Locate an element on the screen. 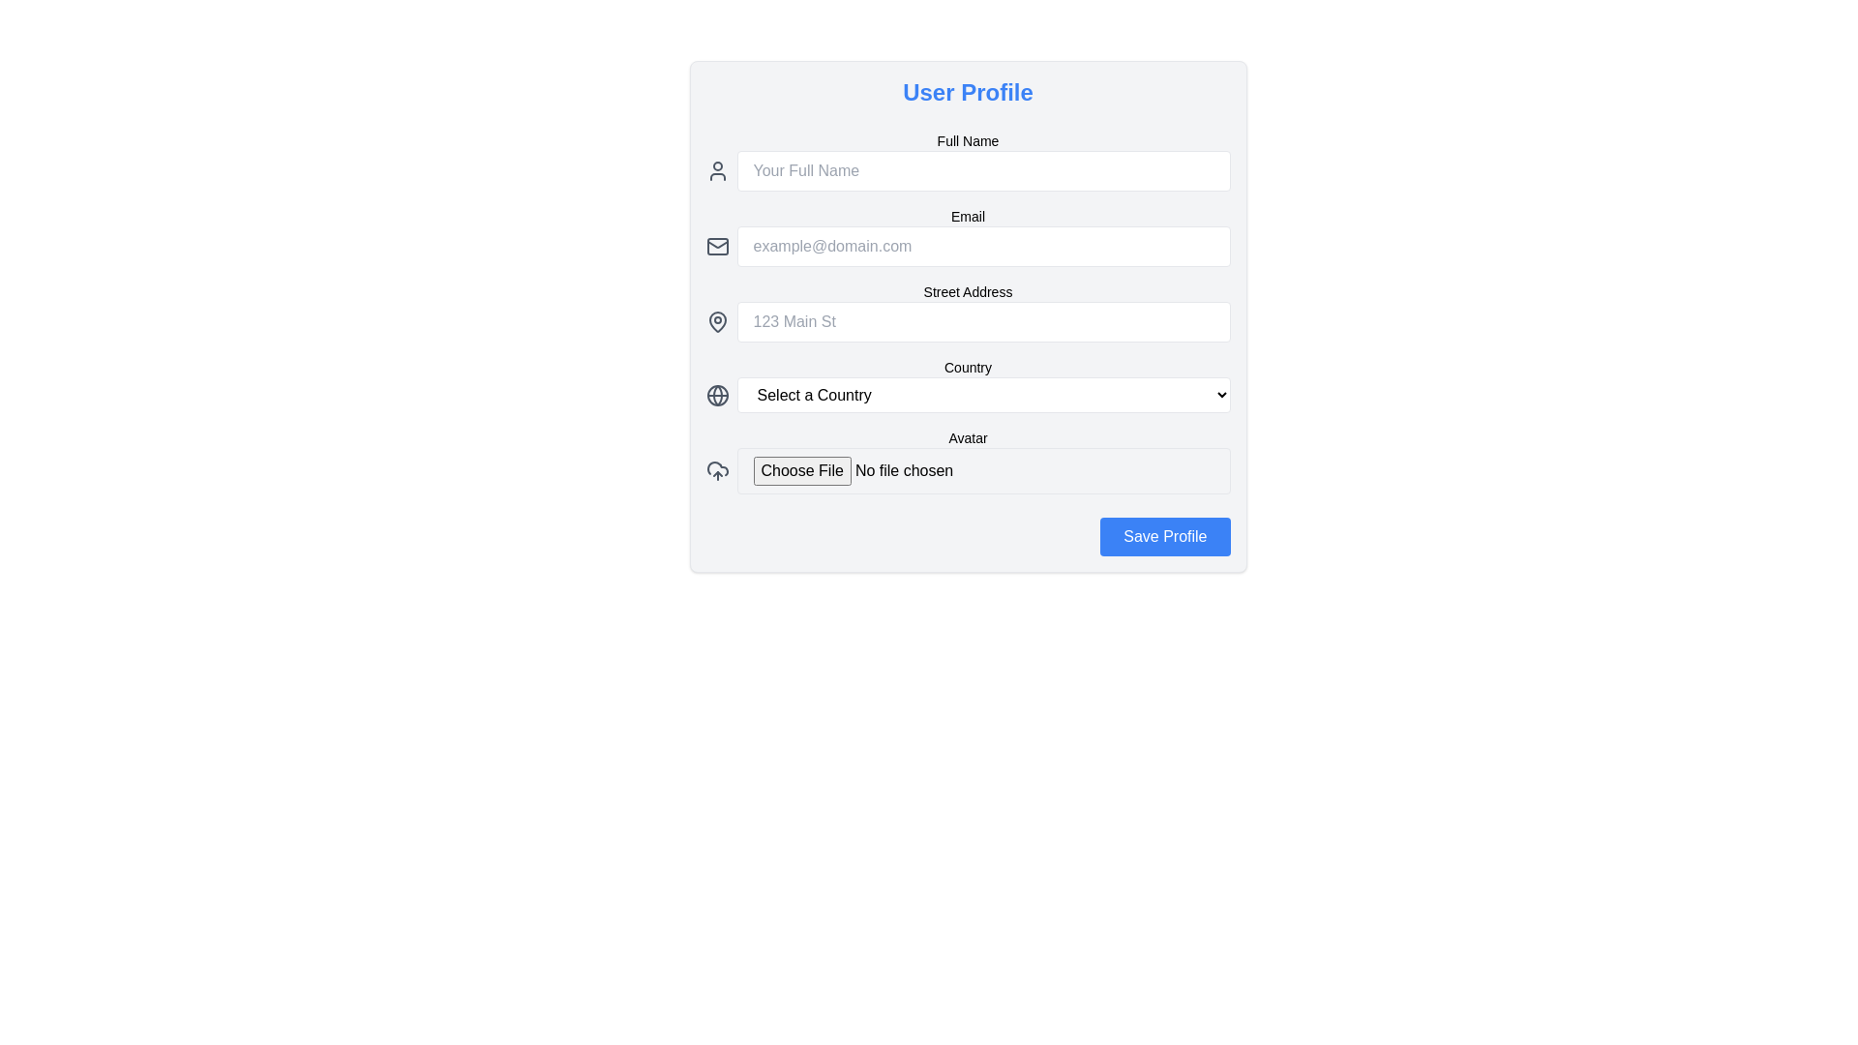 Image resolution: width=1858 pixels, height=1045 pixels. the dropdown menu styled with a white background and rounded corners, displaying 'Select a Country' is located at coordinates (983, 394).